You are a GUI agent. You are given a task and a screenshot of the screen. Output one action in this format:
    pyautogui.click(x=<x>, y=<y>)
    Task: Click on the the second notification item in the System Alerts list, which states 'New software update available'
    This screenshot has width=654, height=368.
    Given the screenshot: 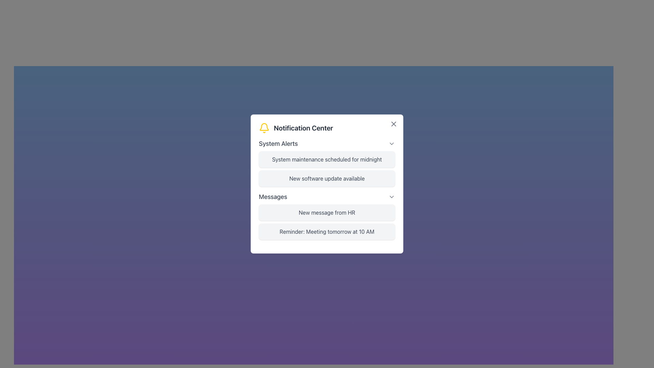 What is the action you would take?
    pyautogui.click(x=327, y=184)
    